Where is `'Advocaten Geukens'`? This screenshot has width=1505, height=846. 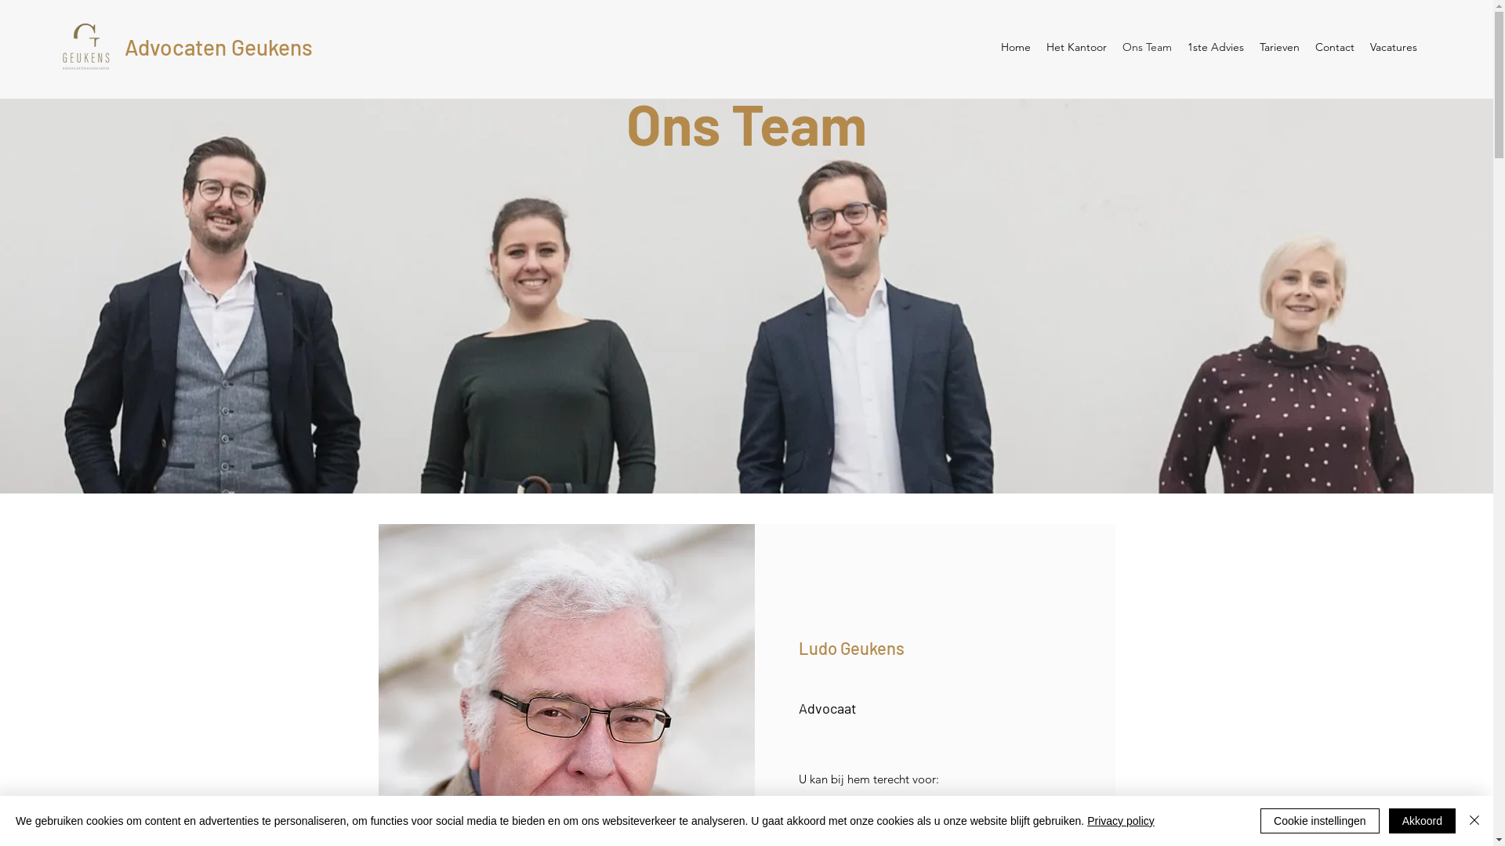 'Advocaten Geukens' is located at coordinates (217, 46).